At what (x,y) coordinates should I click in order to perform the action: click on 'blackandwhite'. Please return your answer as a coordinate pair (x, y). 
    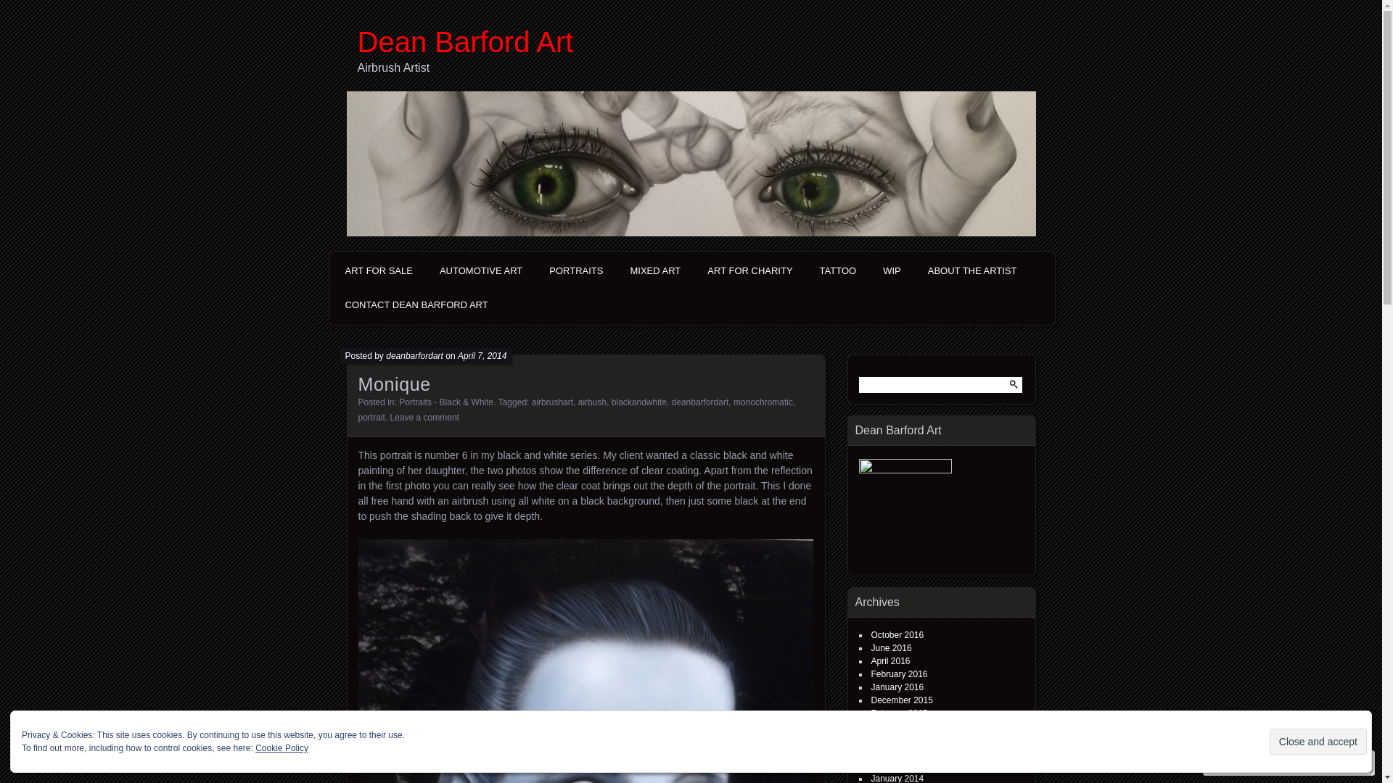
    Looking at the image, I should click on (638, 402).